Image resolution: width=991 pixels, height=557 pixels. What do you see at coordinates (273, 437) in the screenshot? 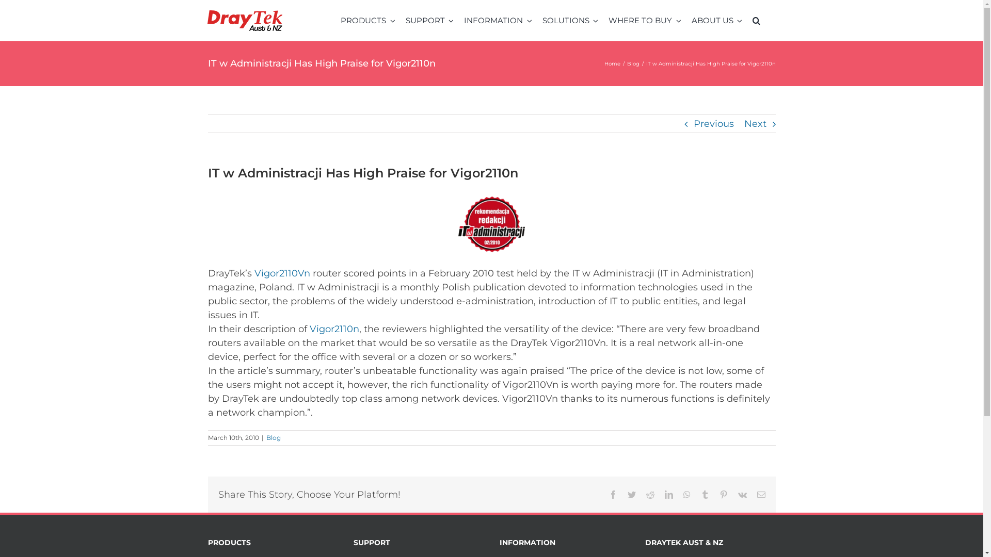
I see `'Blog'` at bounding box center [273, 437].